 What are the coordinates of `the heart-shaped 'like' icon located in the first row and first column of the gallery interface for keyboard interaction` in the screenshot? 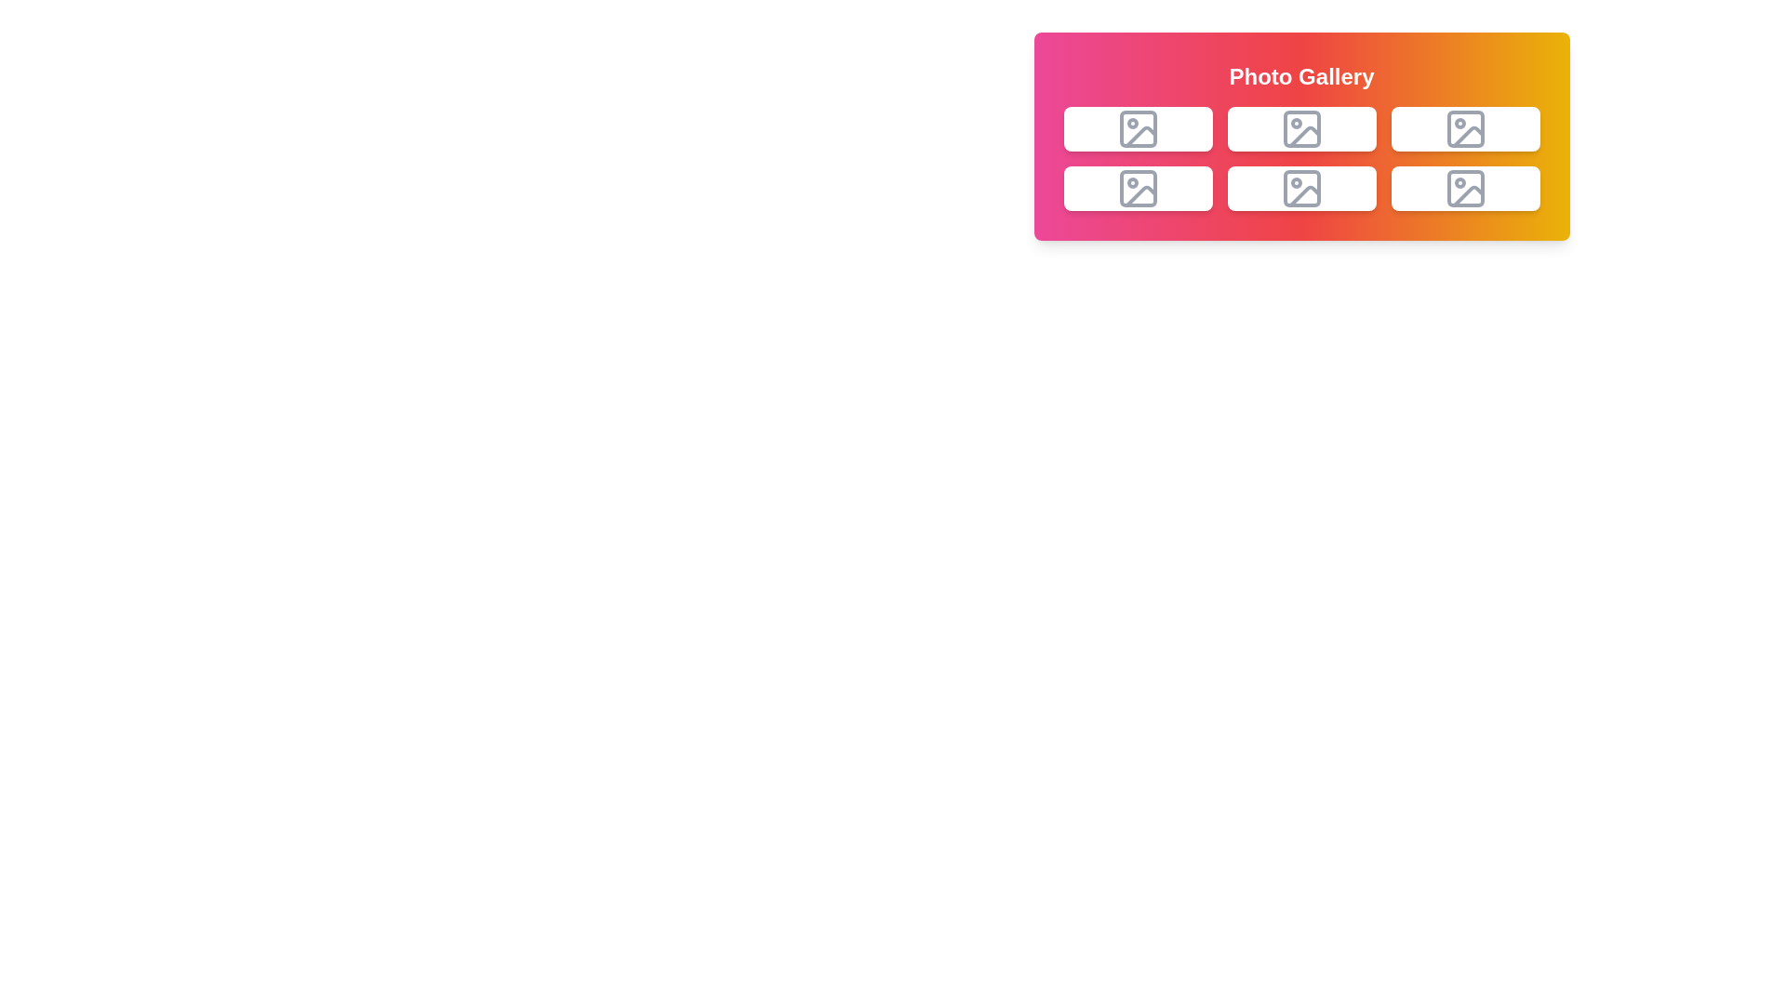 It's located at (1161, 127).